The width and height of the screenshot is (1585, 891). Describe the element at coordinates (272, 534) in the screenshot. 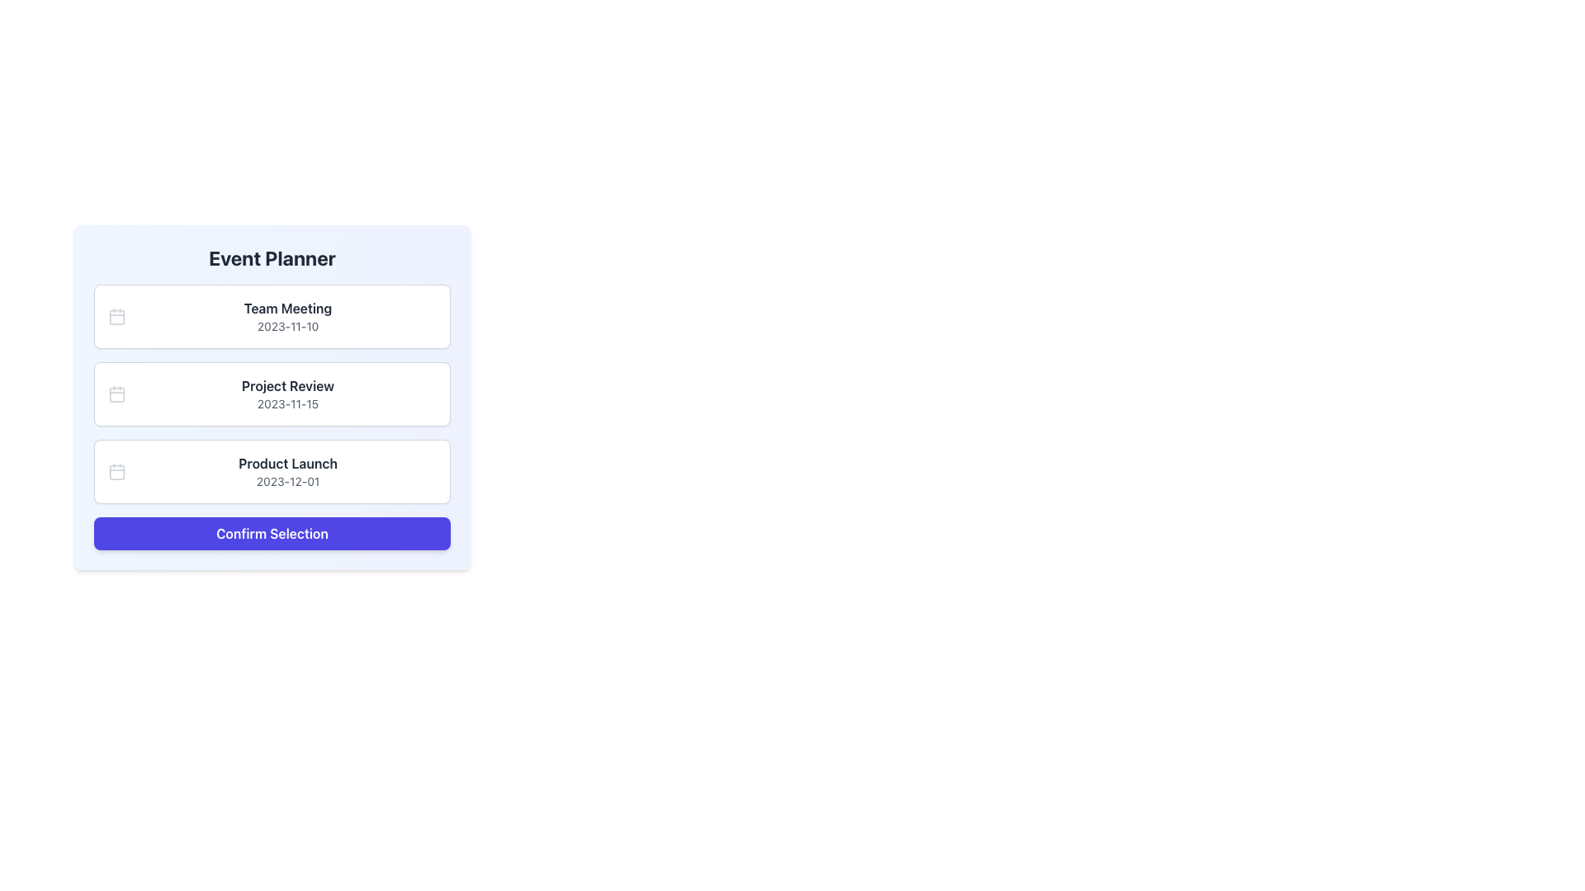

I see `the confirm button located at the bottom of the 'Event Planner' interface to confirm the user's selection of events` at that location.